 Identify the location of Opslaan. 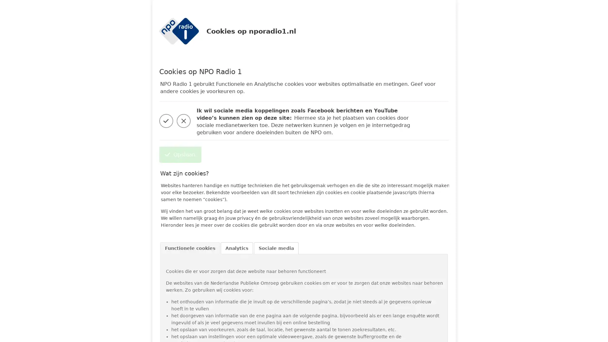
(180, 155).